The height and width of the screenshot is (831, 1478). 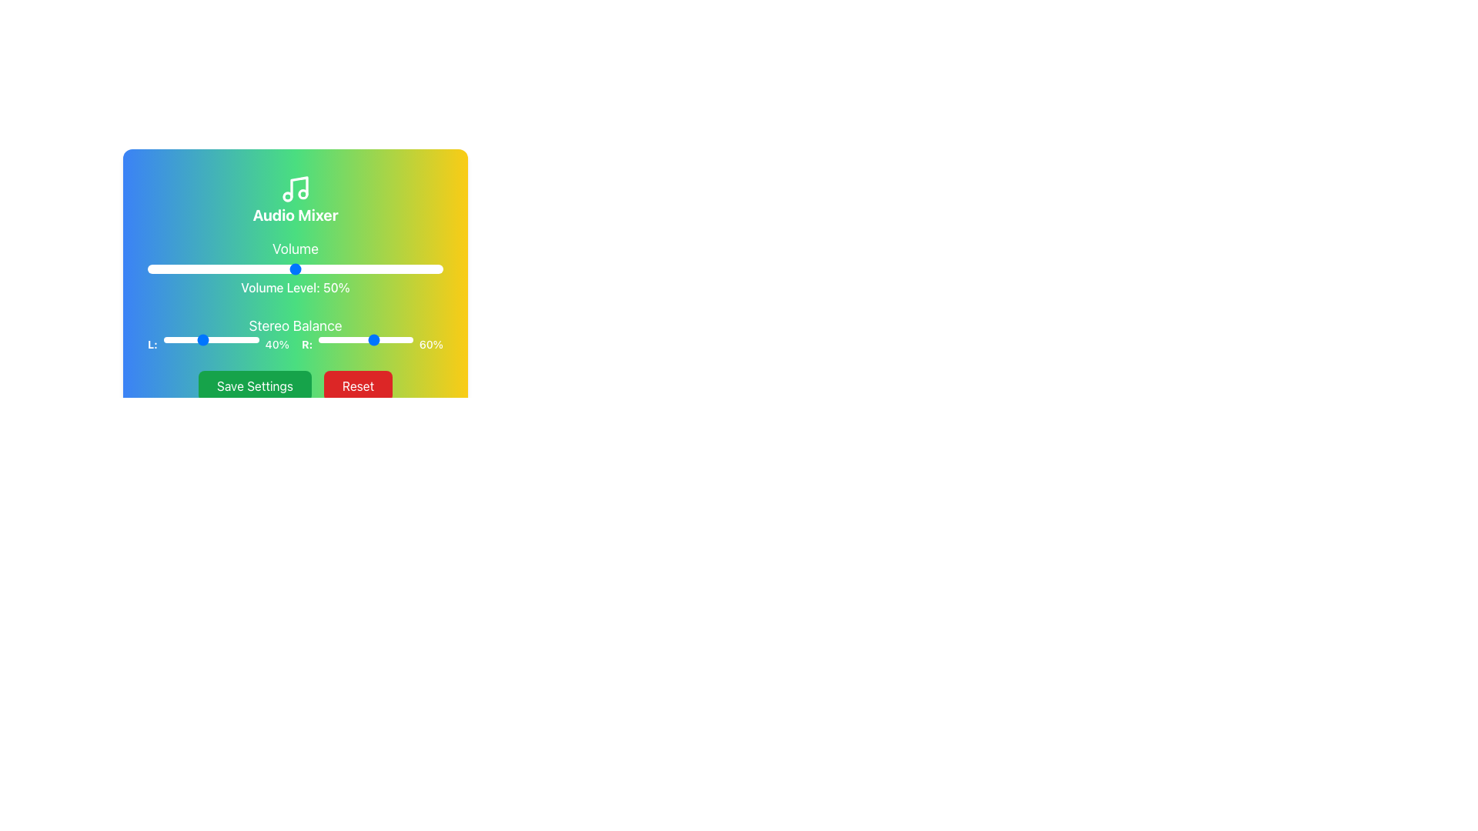 I want to click on the R value, so click(x=373, y=339).